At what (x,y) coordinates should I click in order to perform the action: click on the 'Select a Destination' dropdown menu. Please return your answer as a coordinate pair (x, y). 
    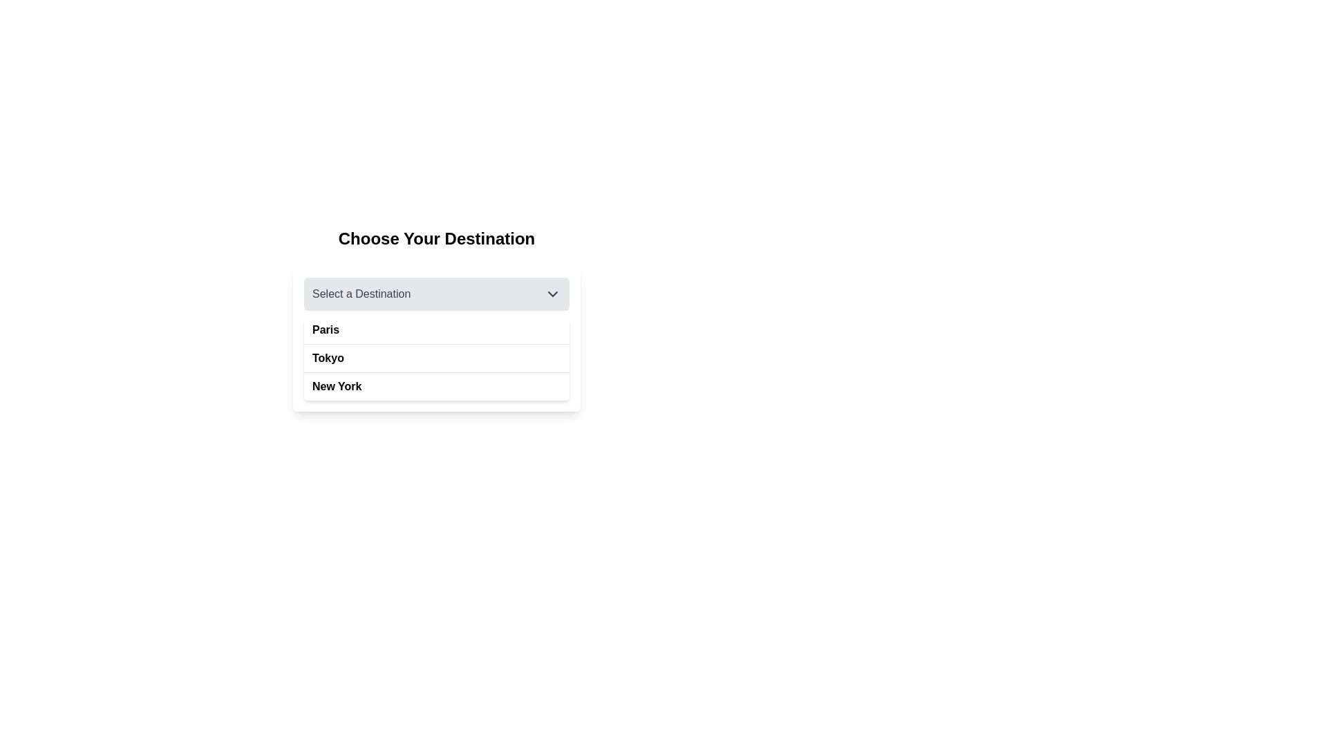
    Looking at the image, I should click on (436, 319).